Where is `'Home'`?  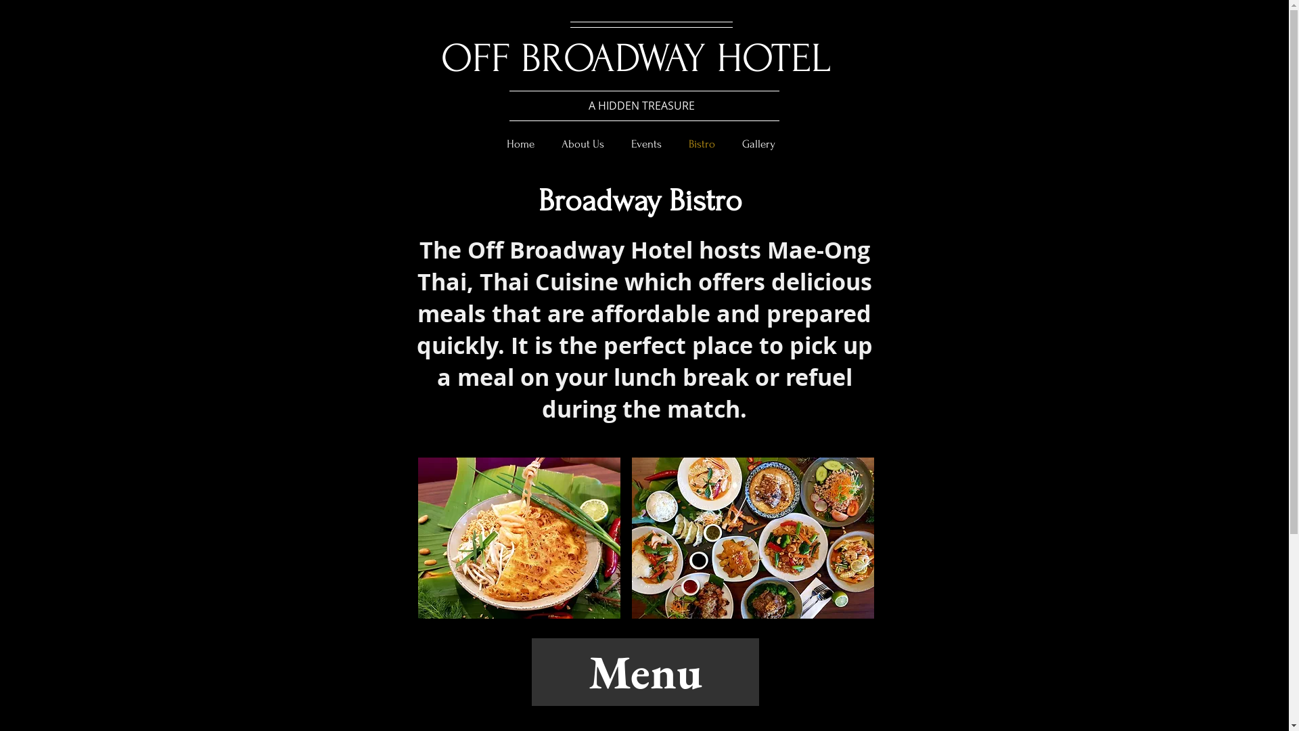
'Home' is located at coordinates (520, 143).